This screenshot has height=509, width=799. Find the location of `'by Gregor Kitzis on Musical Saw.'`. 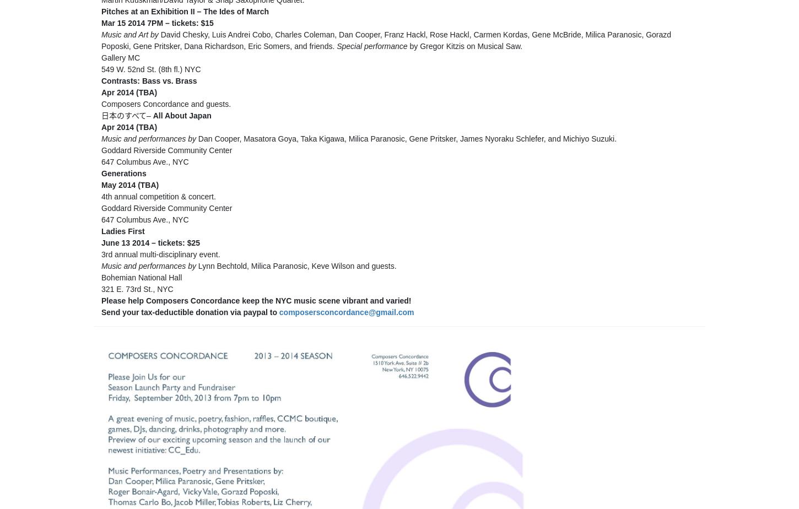

'by Gregor Kitzis on Musical Saw.' is located at coordinates (465, 46).